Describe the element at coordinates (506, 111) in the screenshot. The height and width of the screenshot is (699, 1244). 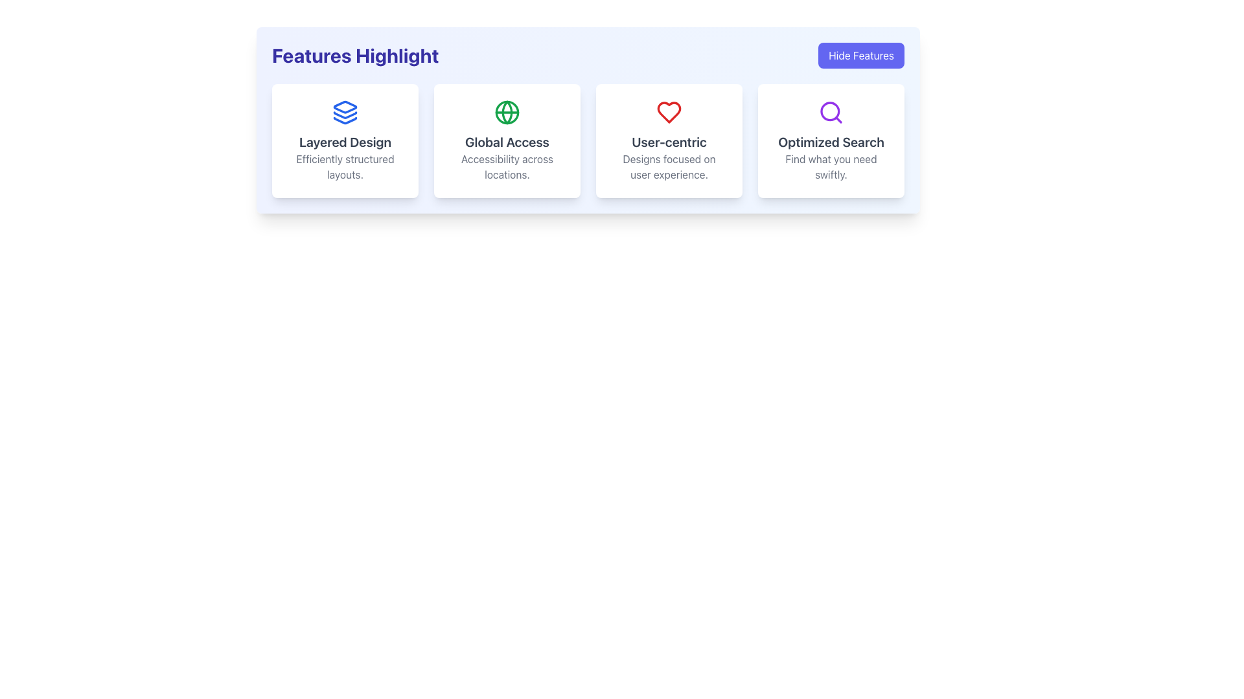
I see `the green globe icon located at the top of the 'Global Access' card in the 'Features Highlight' section` at that location.